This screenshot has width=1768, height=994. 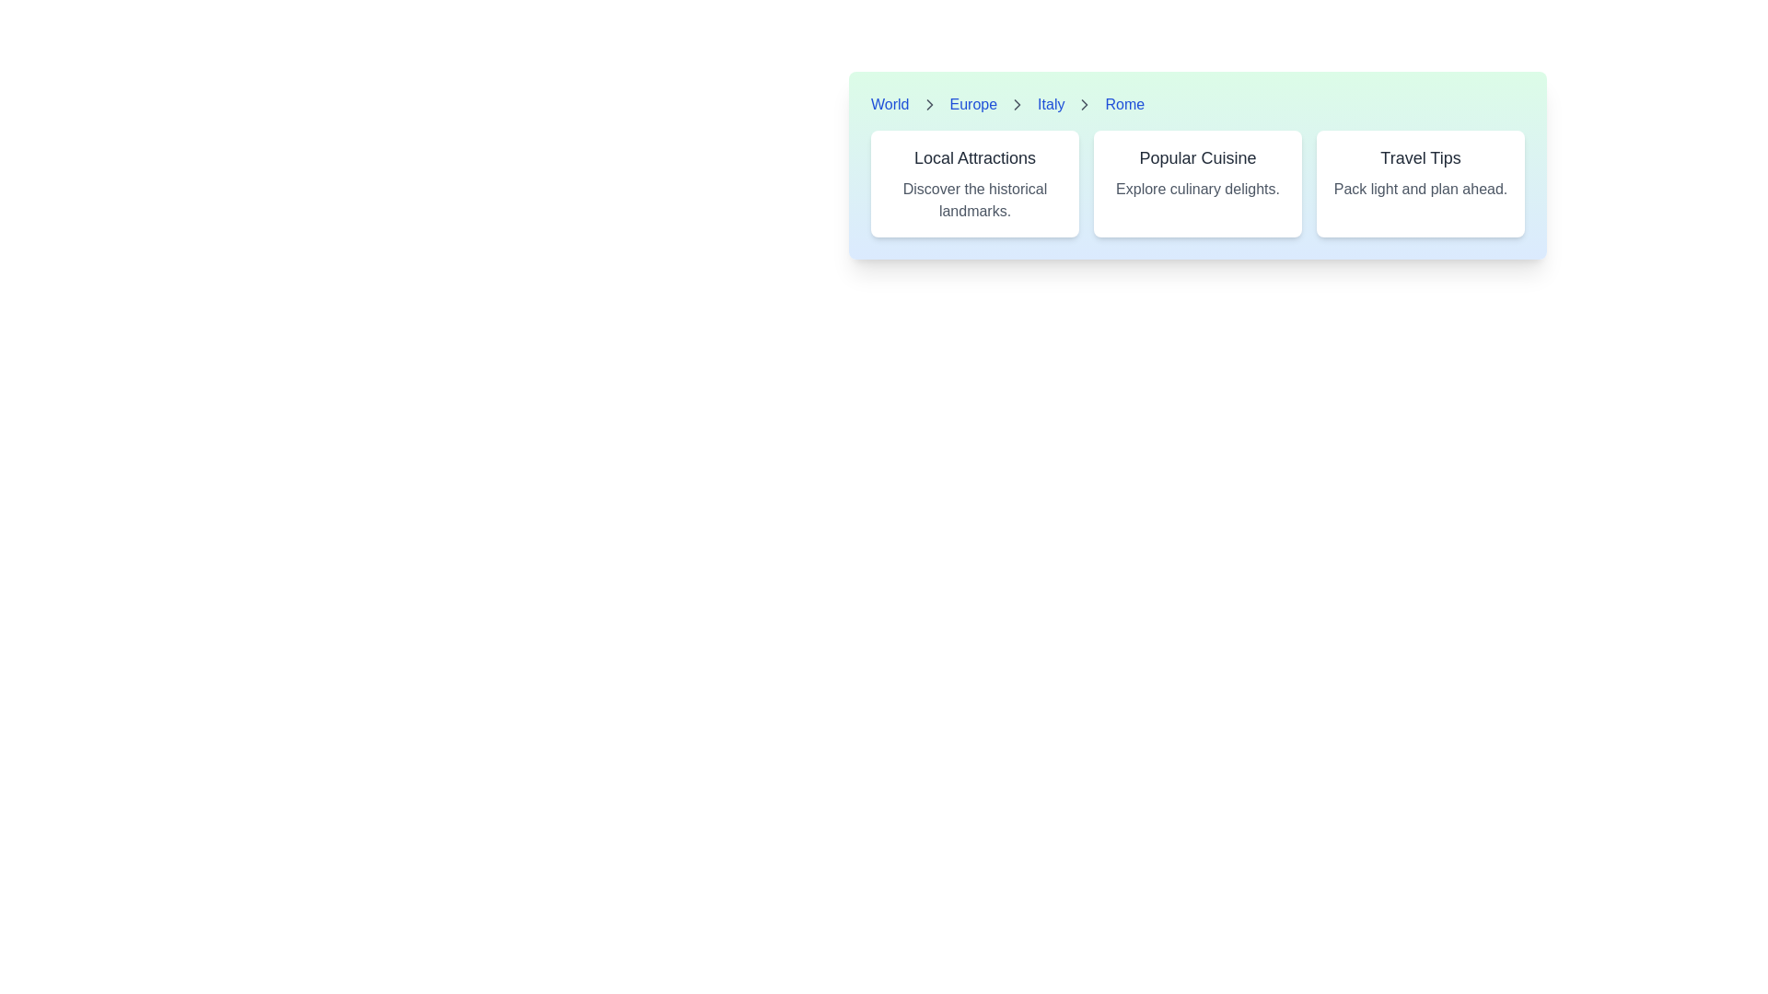 I want to click on the text label that provides a description for the 'Popular Cuisine' card, located below the heading within a white card in the center of the interface, so click(x=1197, y=189).